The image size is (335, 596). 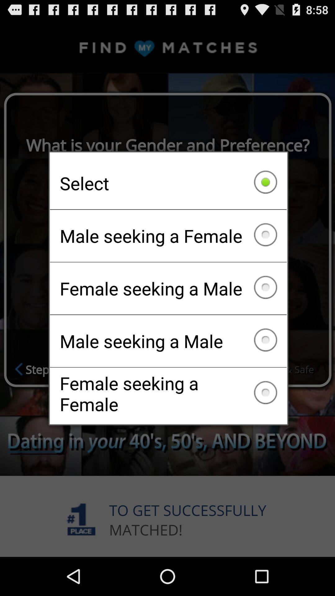 What do you see at coordinates (168, 183) in the screenshot?
I see `select` at bounding box center [168, 183].